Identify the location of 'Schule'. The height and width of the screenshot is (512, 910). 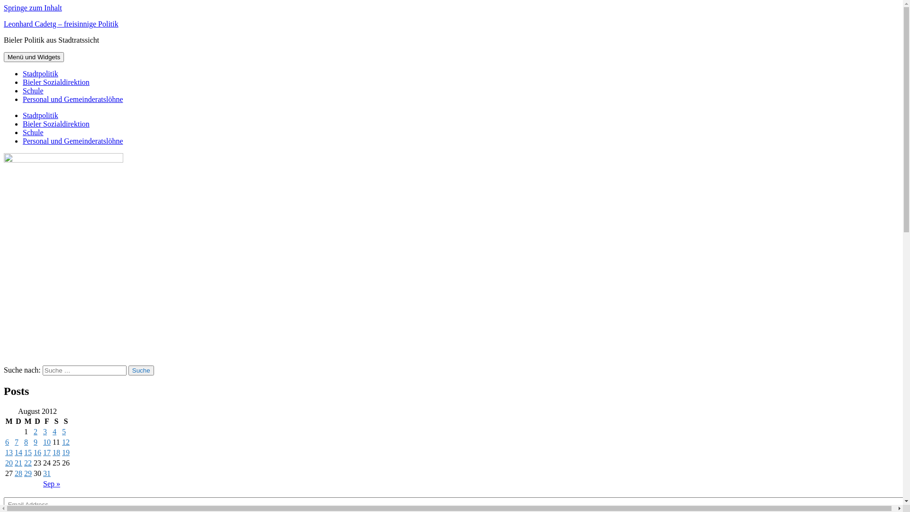
(33, 132).